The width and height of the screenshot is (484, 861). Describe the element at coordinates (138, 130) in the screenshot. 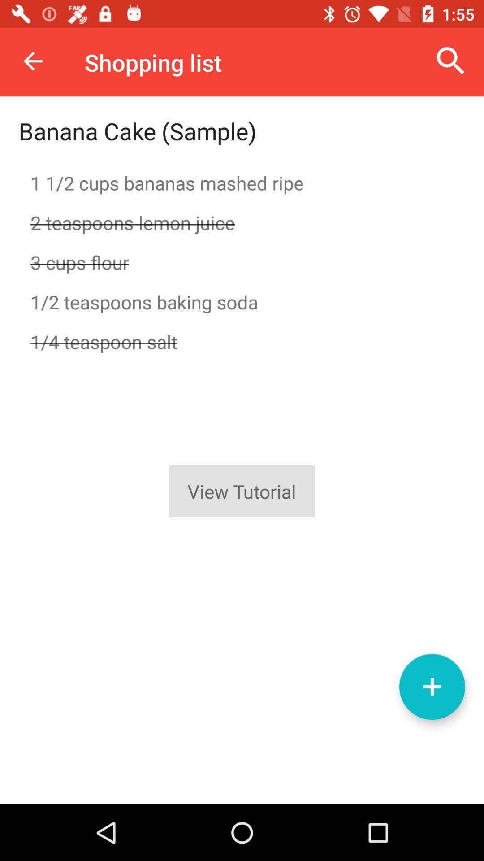

I see `icon above 1 1 2 item` at that location.